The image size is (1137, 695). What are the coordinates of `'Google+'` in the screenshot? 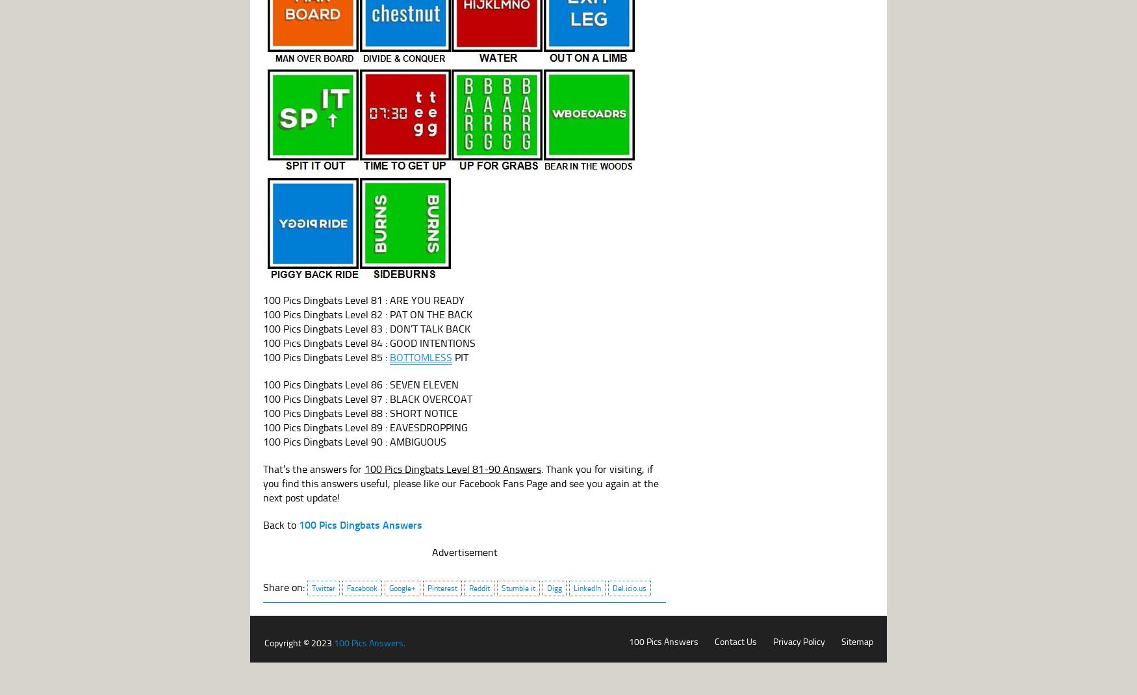 It's located at (402, 587).